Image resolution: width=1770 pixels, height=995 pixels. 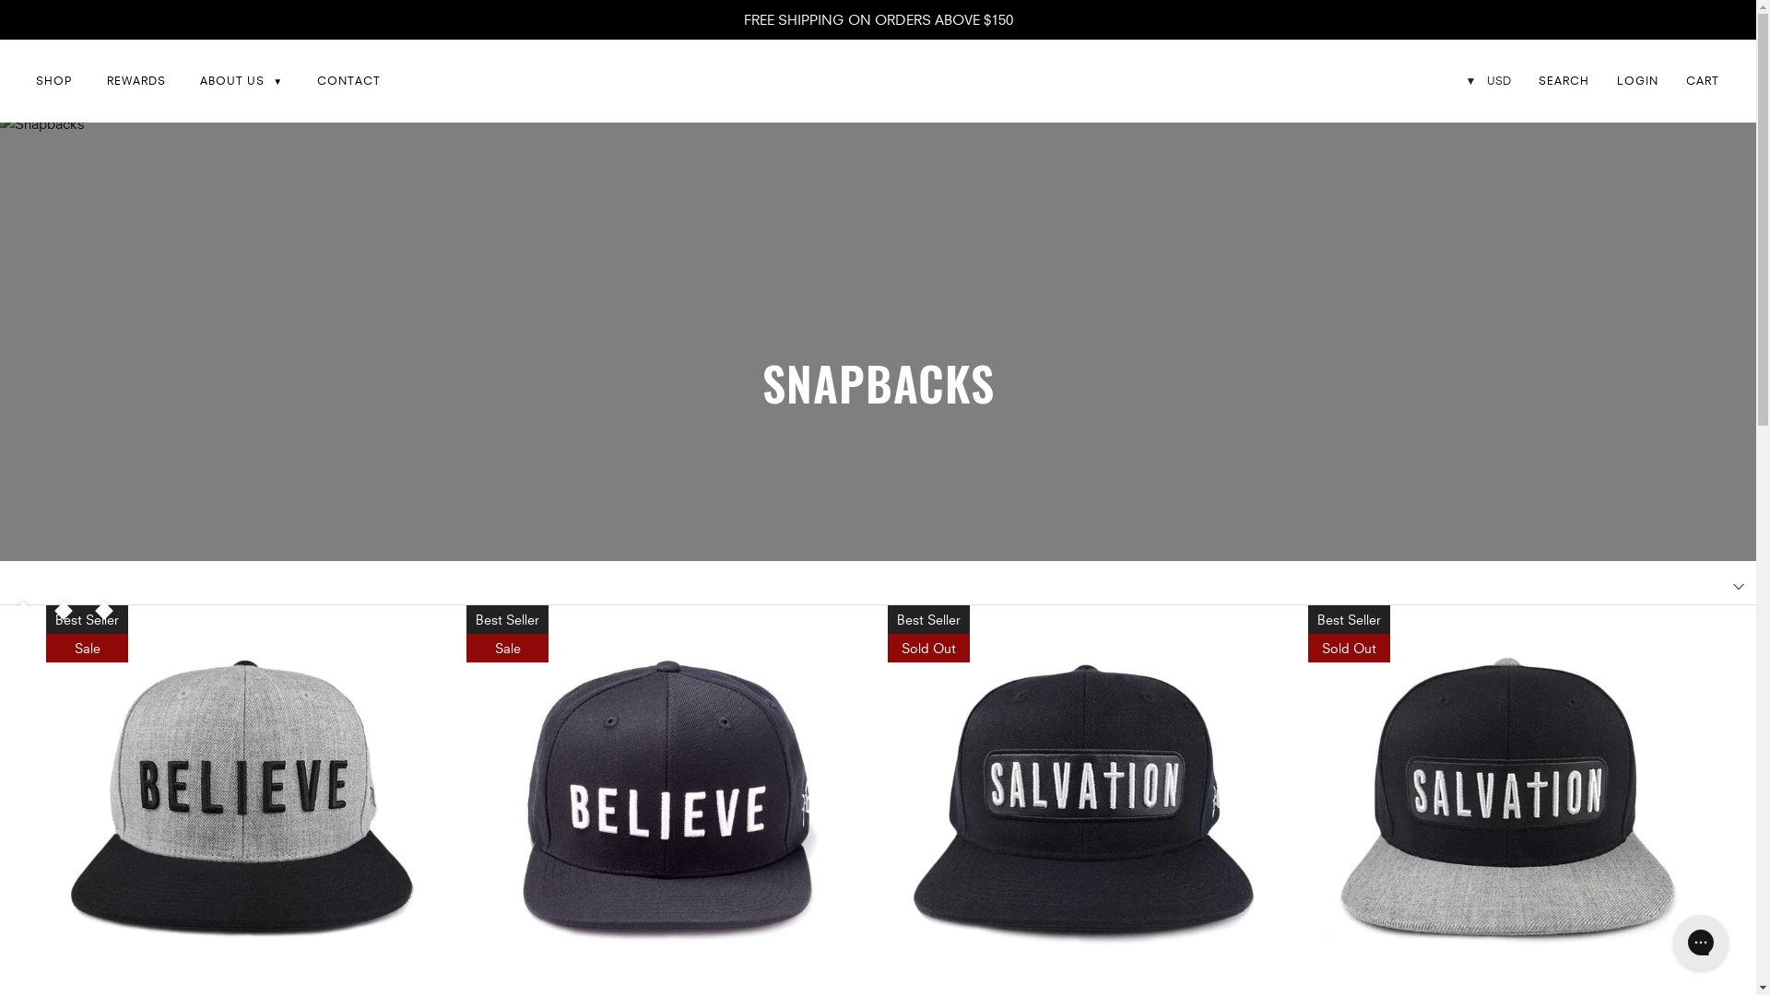 I want to click on 'ABOUT US', so click(x=240, y=80).